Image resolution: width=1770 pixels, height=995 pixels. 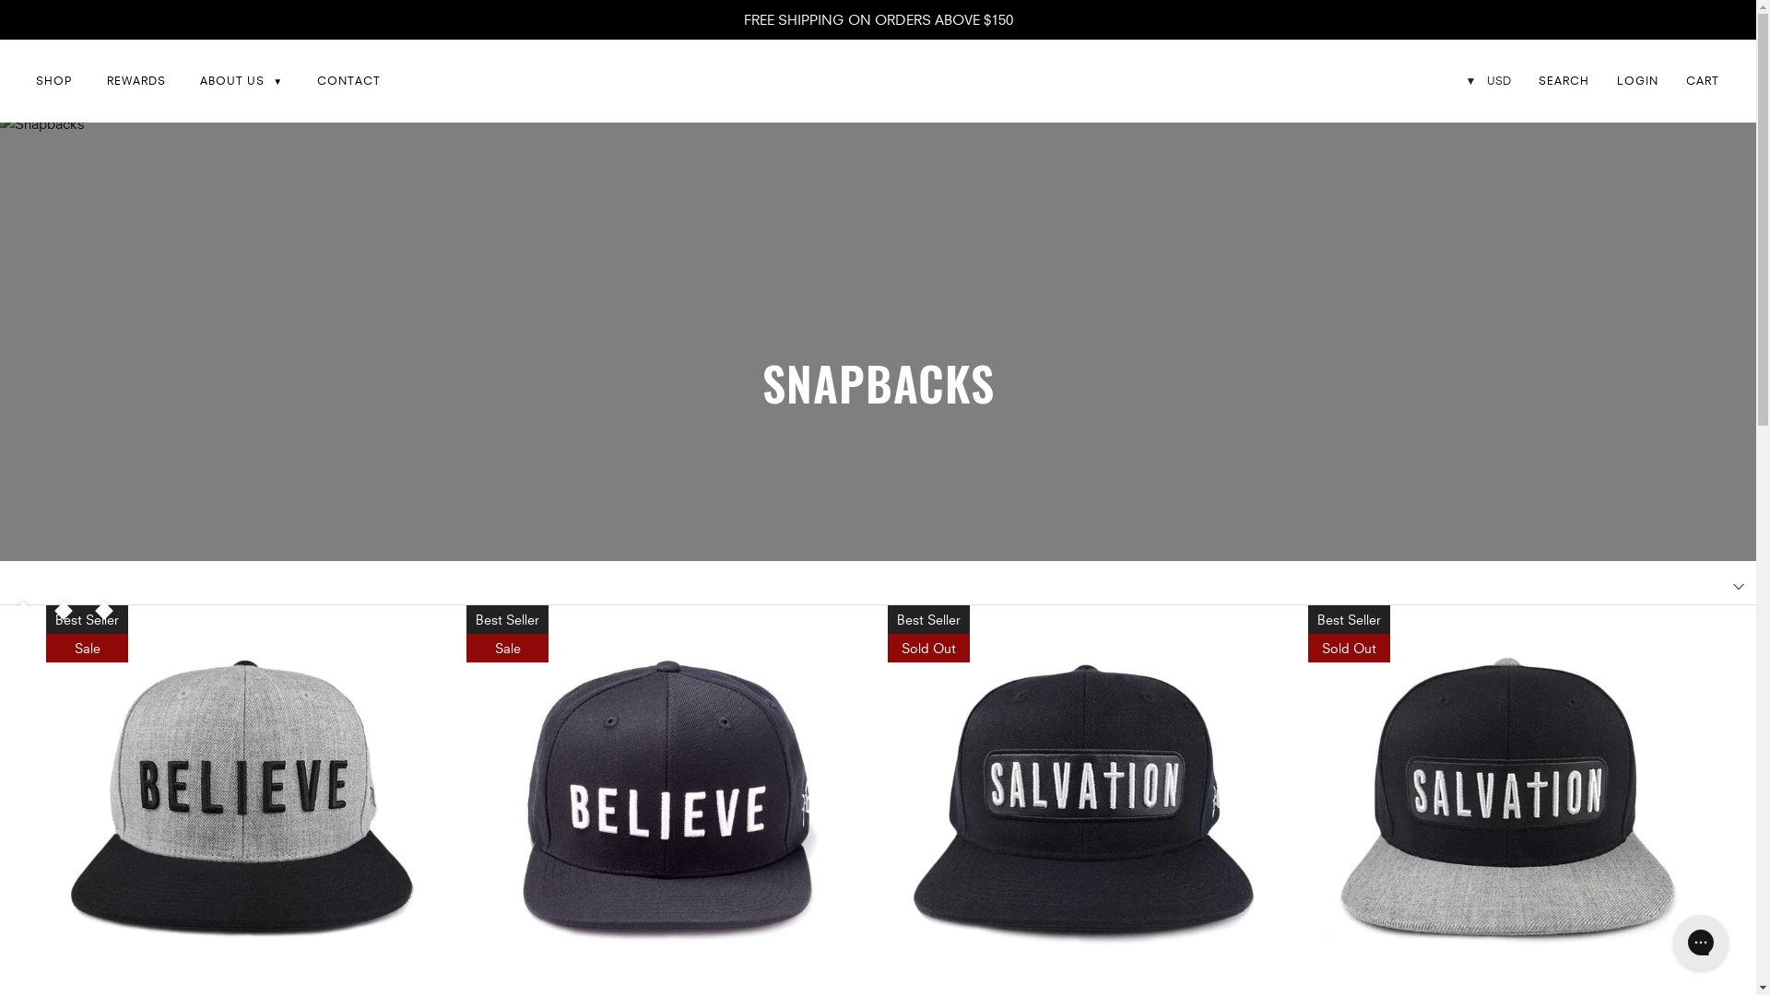 I want to click on 'ABOUT US', so click(x=240, y=80).